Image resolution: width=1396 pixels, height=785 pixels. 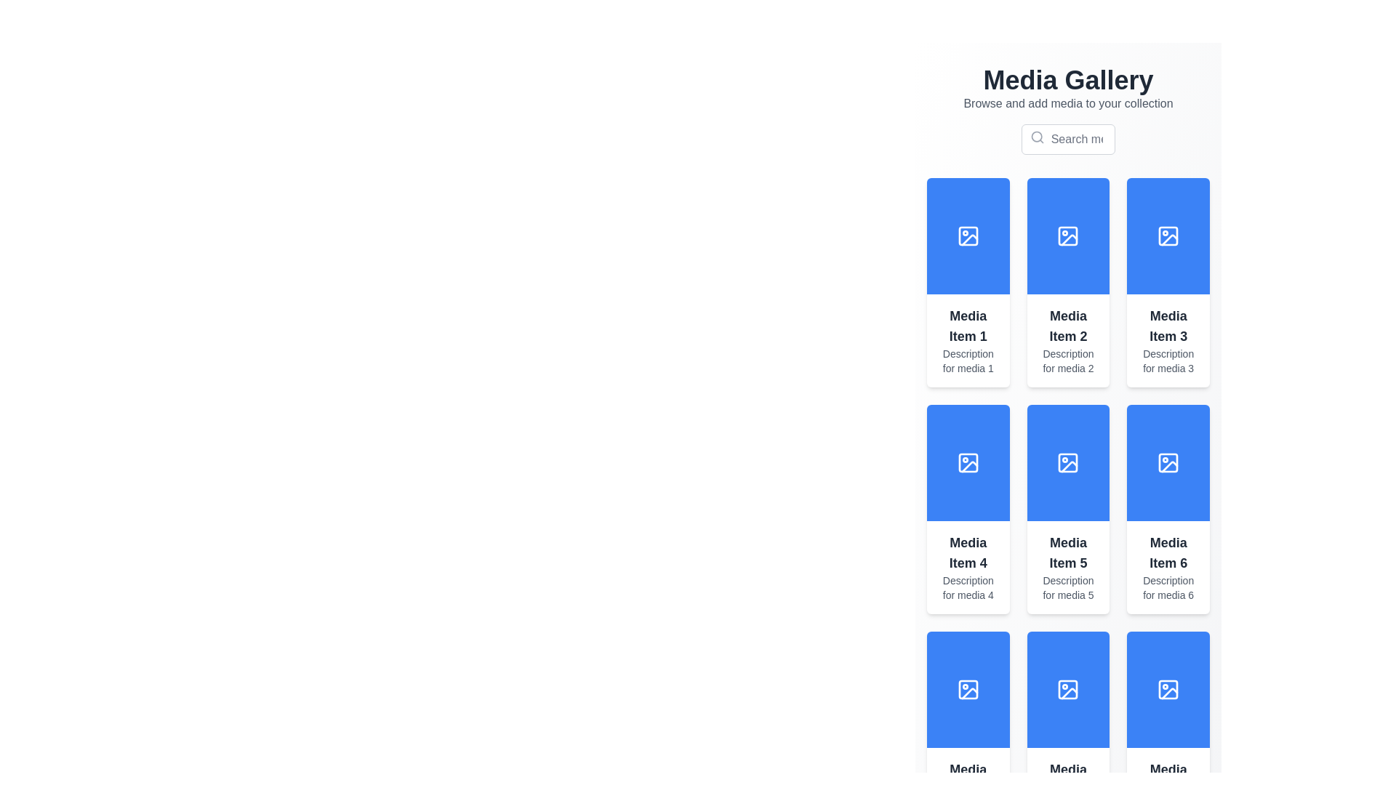 I want to click on the interactive SVG graphic rectangle with rounded corners located in the top-left card of the media gallery grid, so click(x=968, y=235).